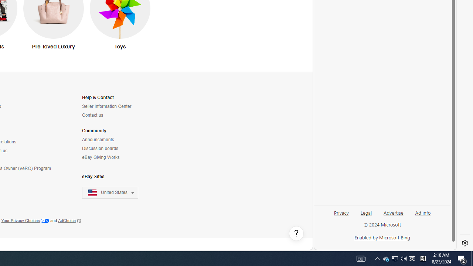 The width and height of the screenshot is (473, 266). Describe the element at coordinates (296, 233) in the screenshot. I see `'Help, opens dialogs'` at that location.